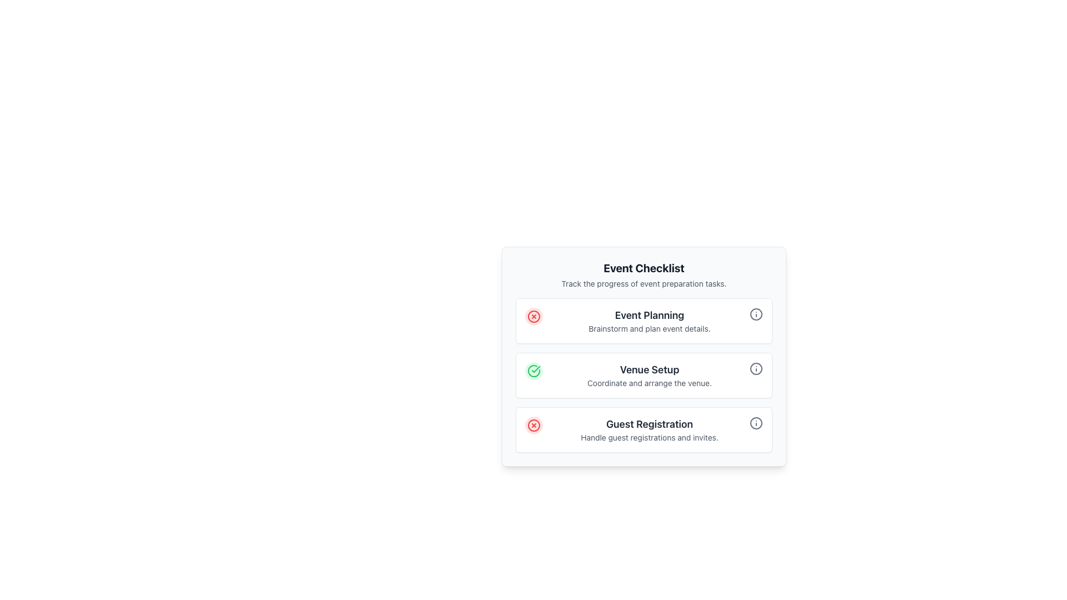 The image size is (1067, 600). I want to click on the small circular icon button that is styled gray and transitions to blue on hover, located to the right of the 'Venue Setup' item in the 'Event Checklist' section, vertically centered with the title, so click(756, 368).